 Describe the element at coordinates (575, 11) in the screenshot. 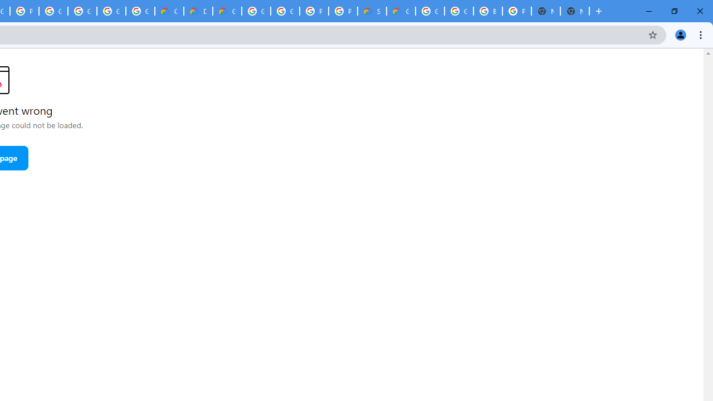

I see `'New Tab'` at that location.